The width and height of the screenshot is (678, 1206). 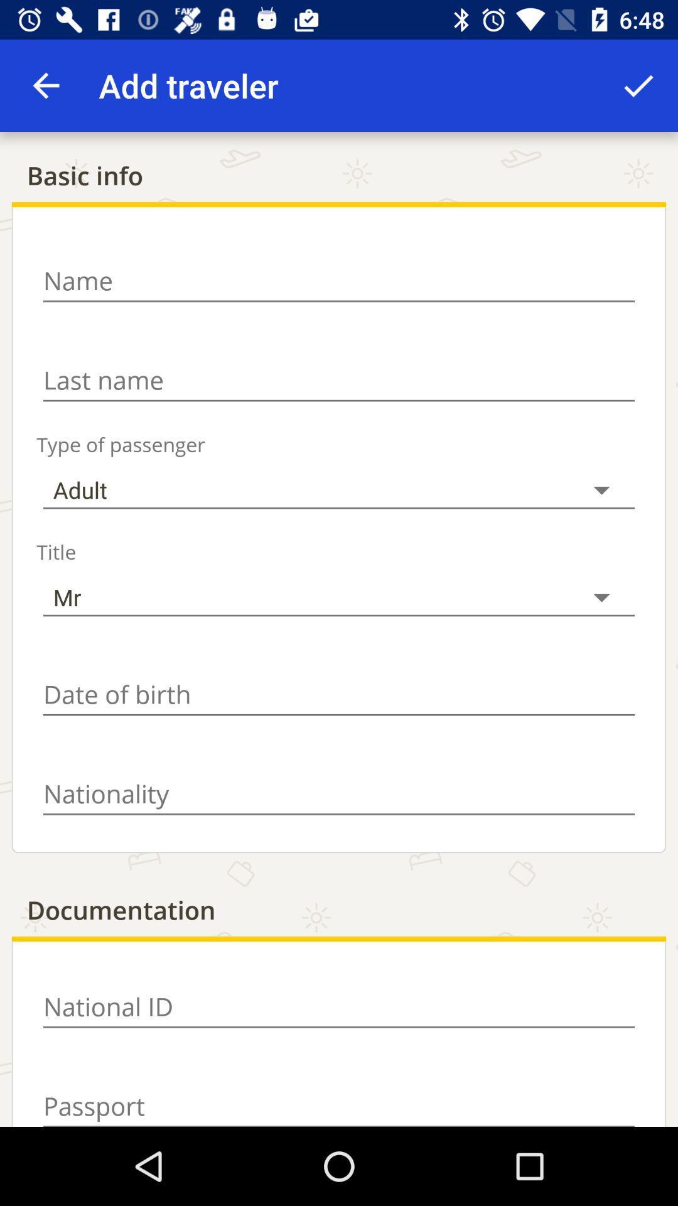 I want to click on password, so click(x=339, y=1099).